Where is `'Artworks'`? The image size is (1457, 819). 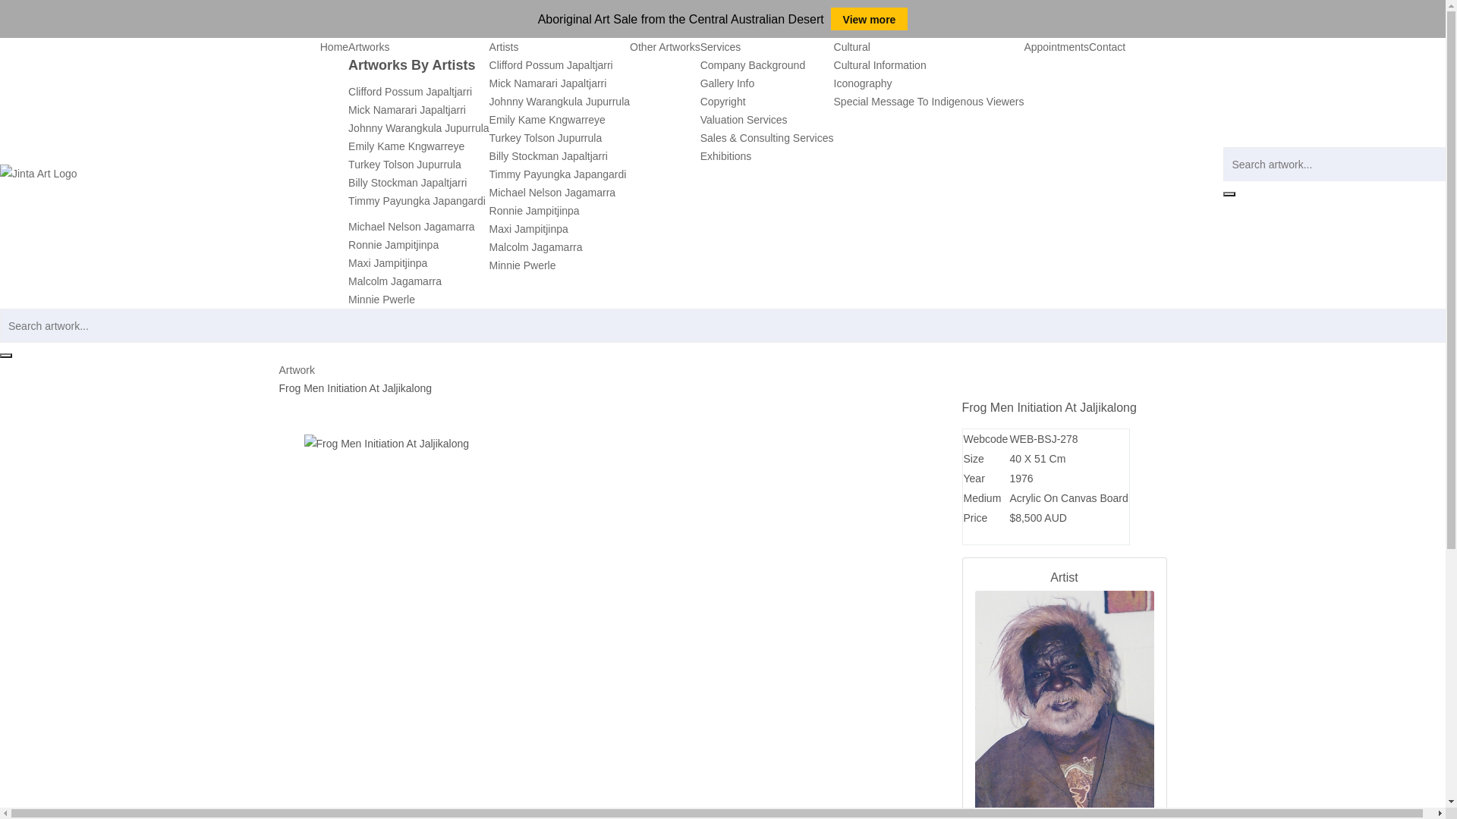 'Artworks' is located at coordinates (348, 45).